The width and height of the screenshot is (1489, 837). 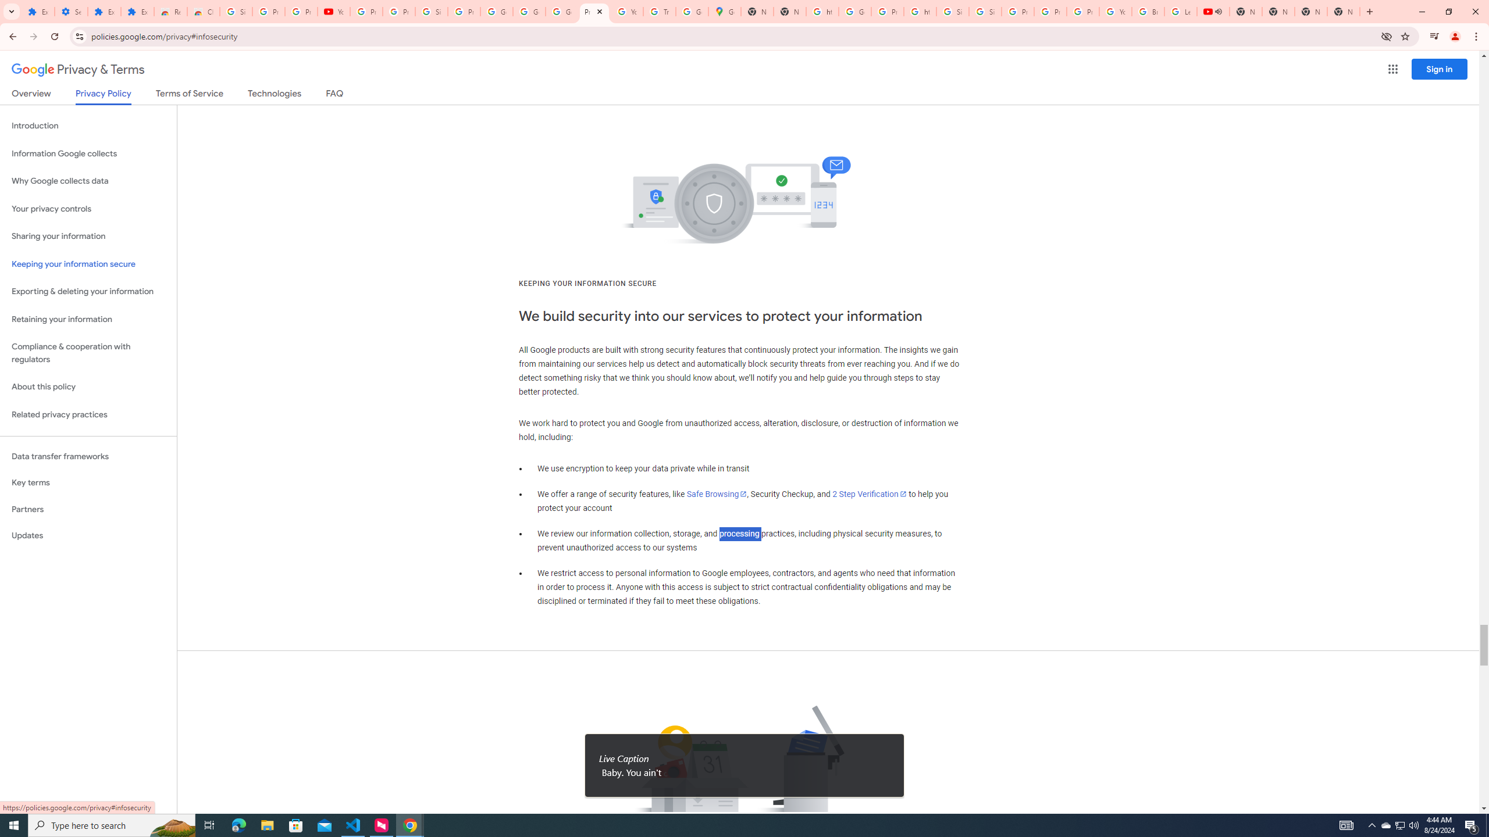 I want to click on 'About this policy', so click(x=88, y=387).